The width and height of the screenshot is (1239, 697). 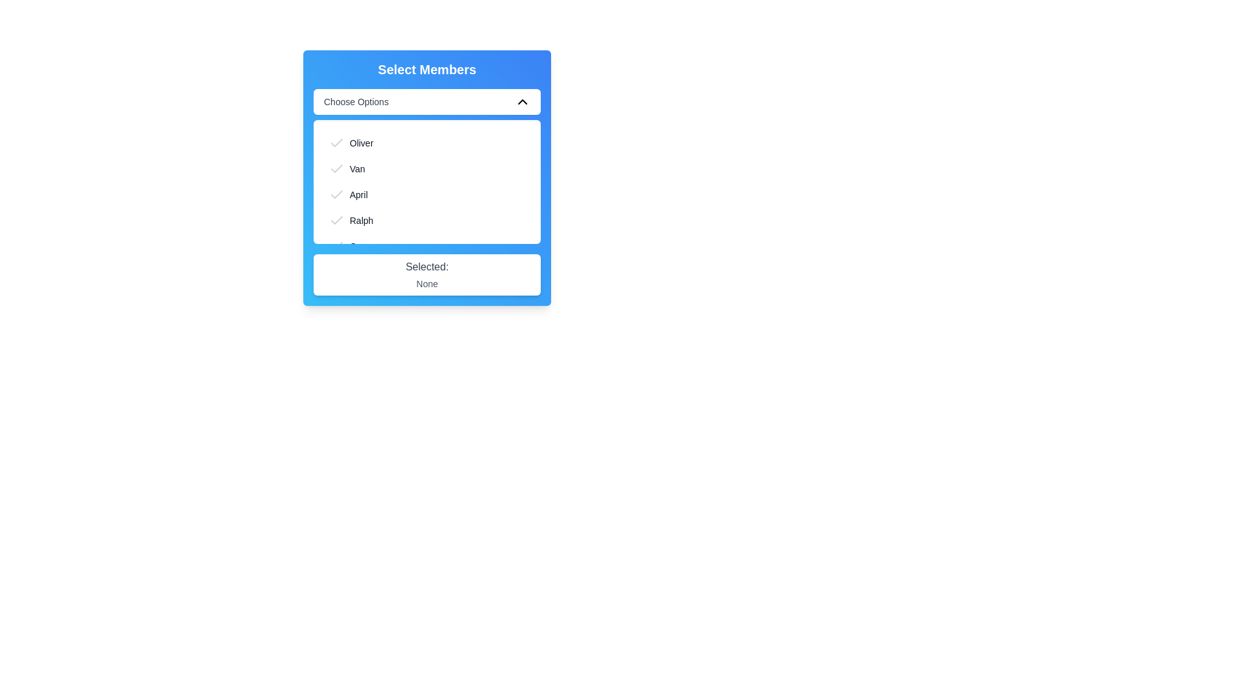 What do you see at coordinates (427, 101) in the screenshot?
I see `the Dropdown trigger button located below the 'Select Members' title` at bounding box center [427, 101].